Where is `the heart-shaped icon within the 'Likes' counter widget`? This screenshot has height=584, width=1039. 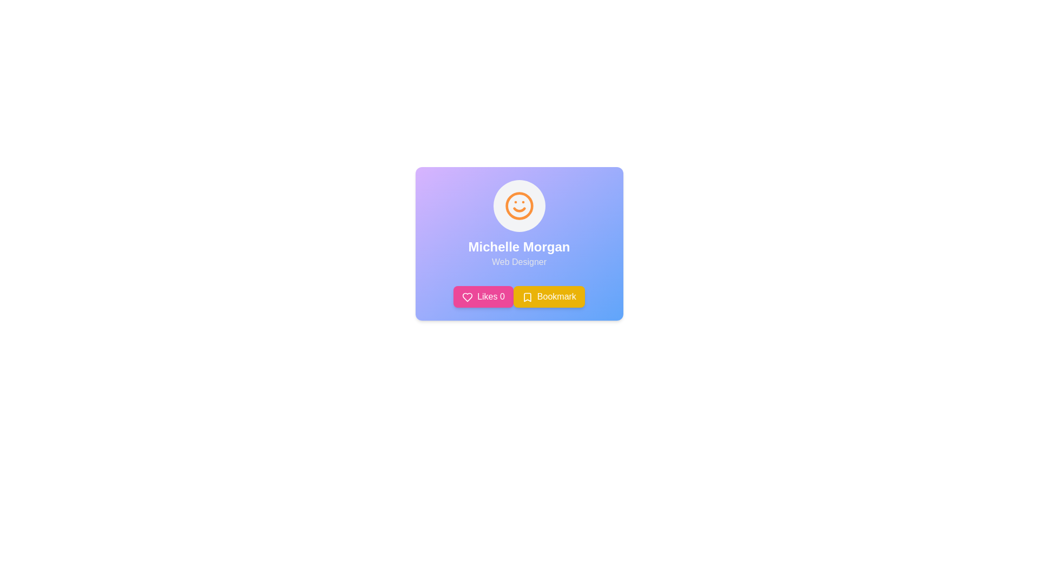
the heart-shaped icon within the 'Likes' counter widget is located at coordinates (468, 296).